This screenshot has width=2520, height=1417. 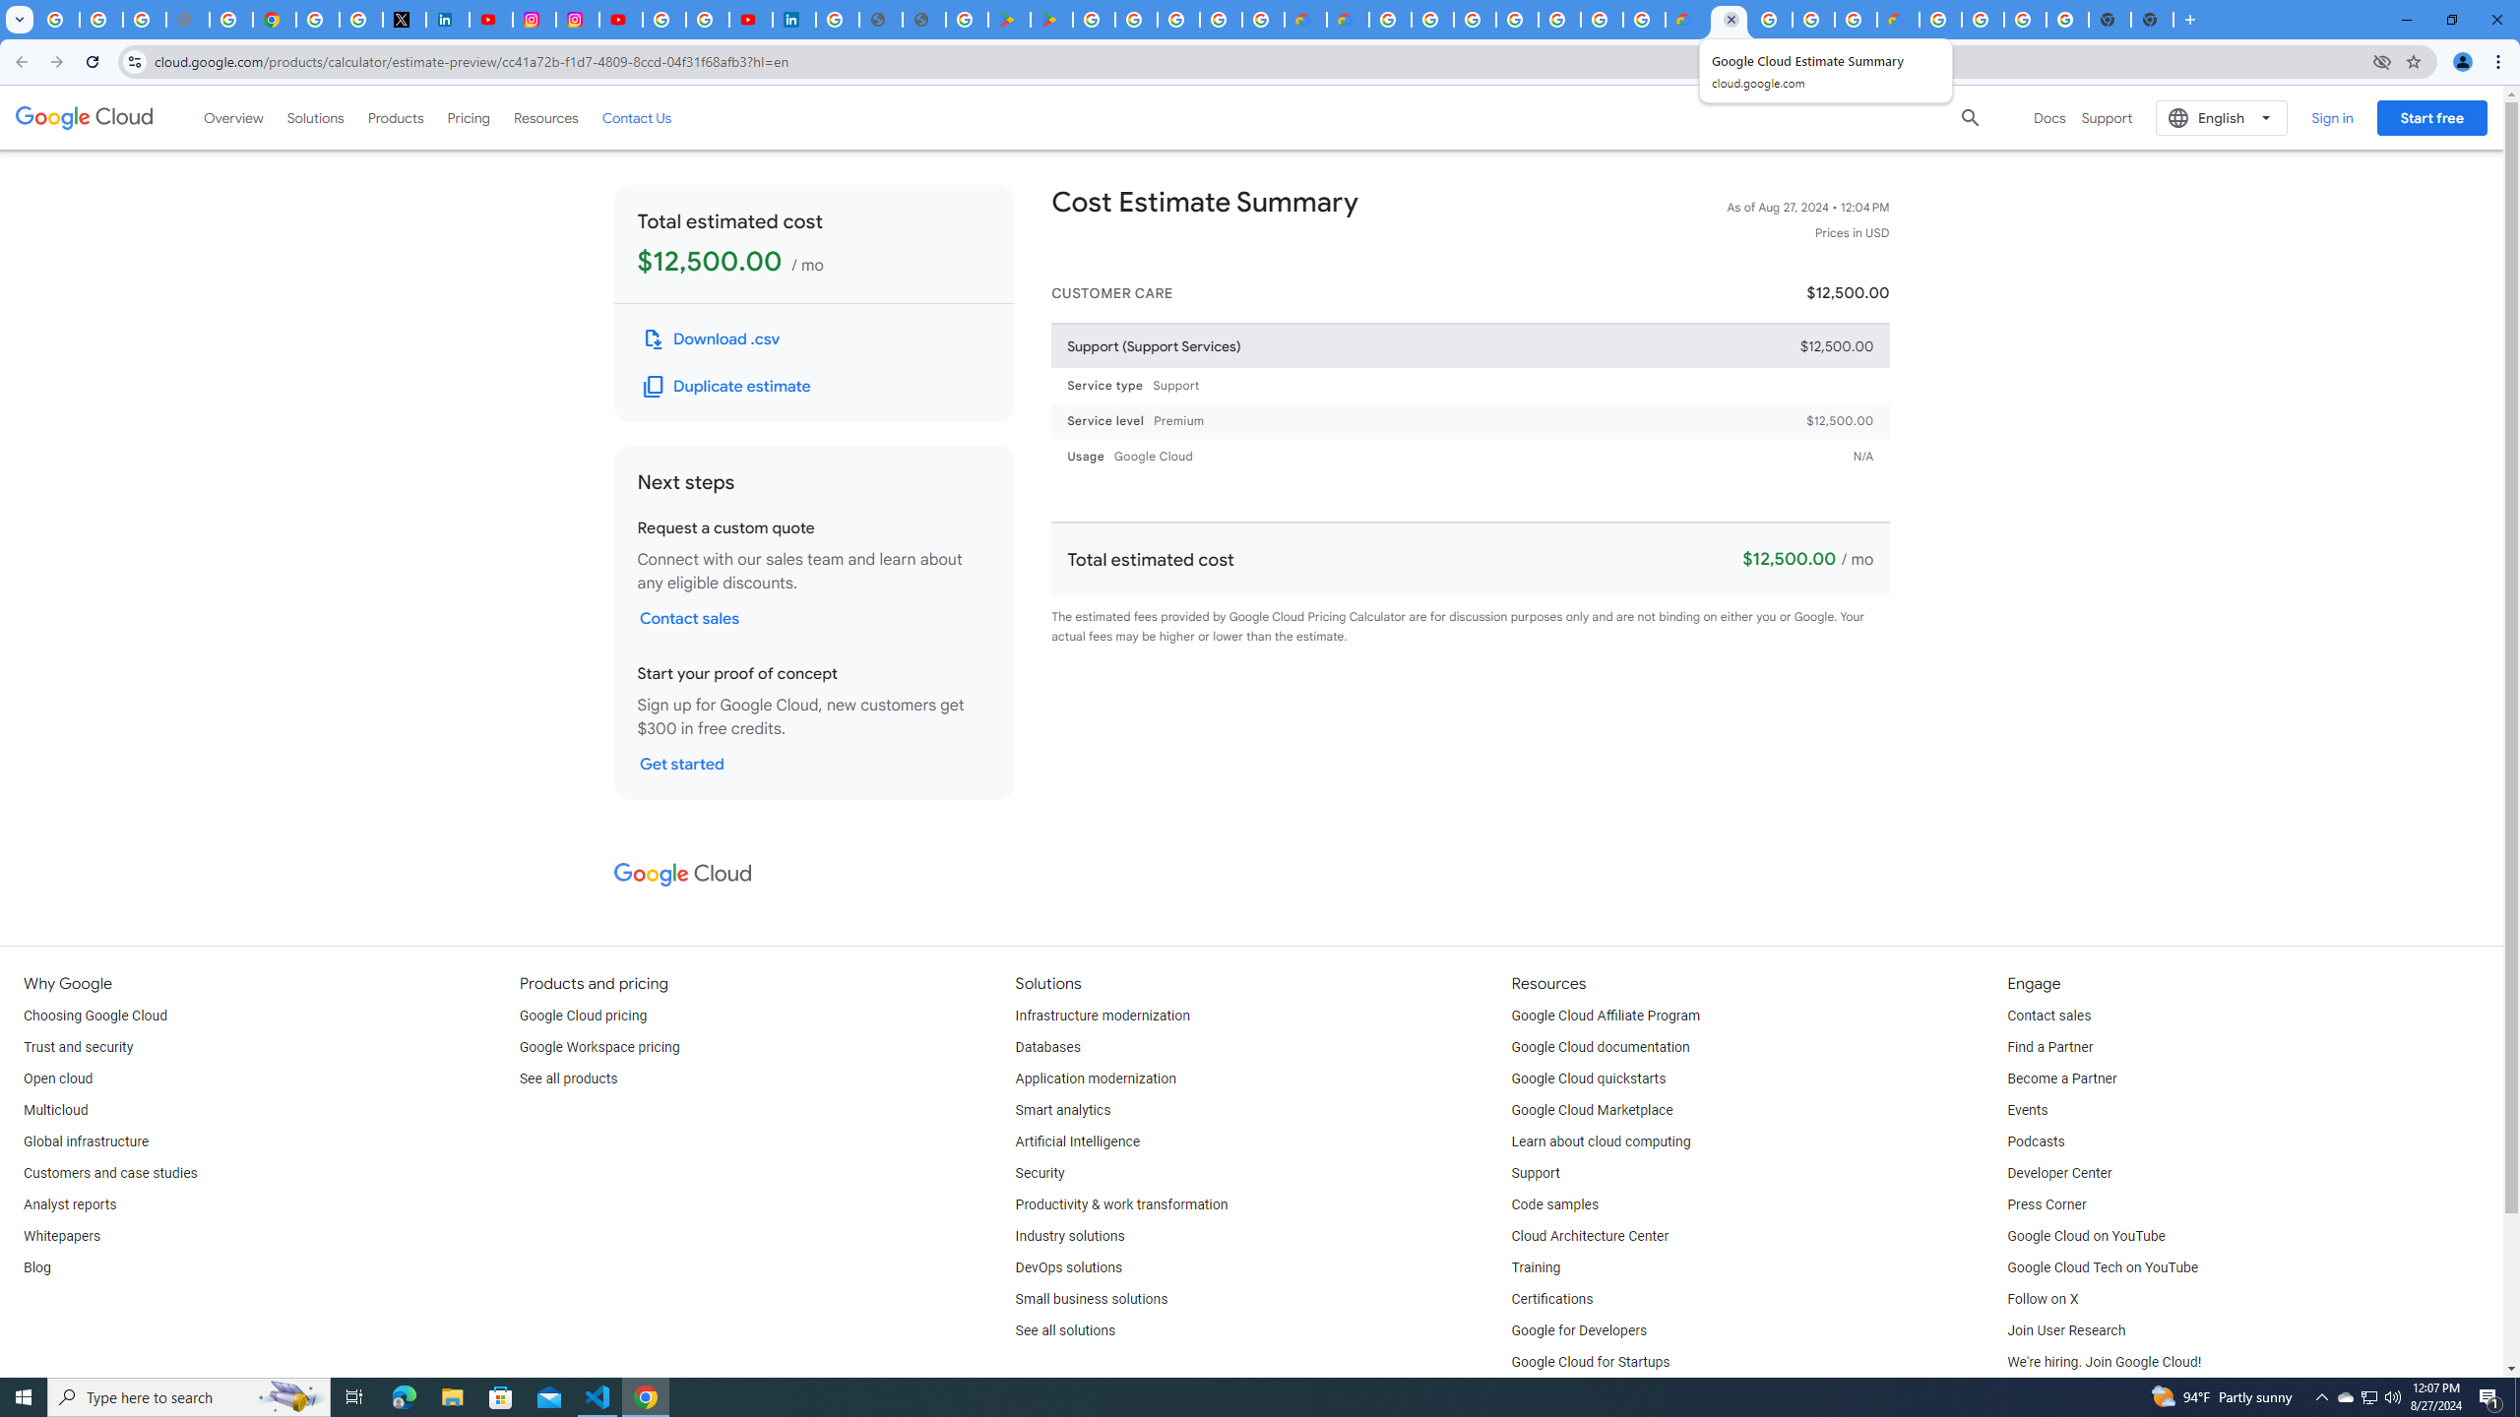 I want to click on 'Global infrastructure', so click(x=85, y=1141).